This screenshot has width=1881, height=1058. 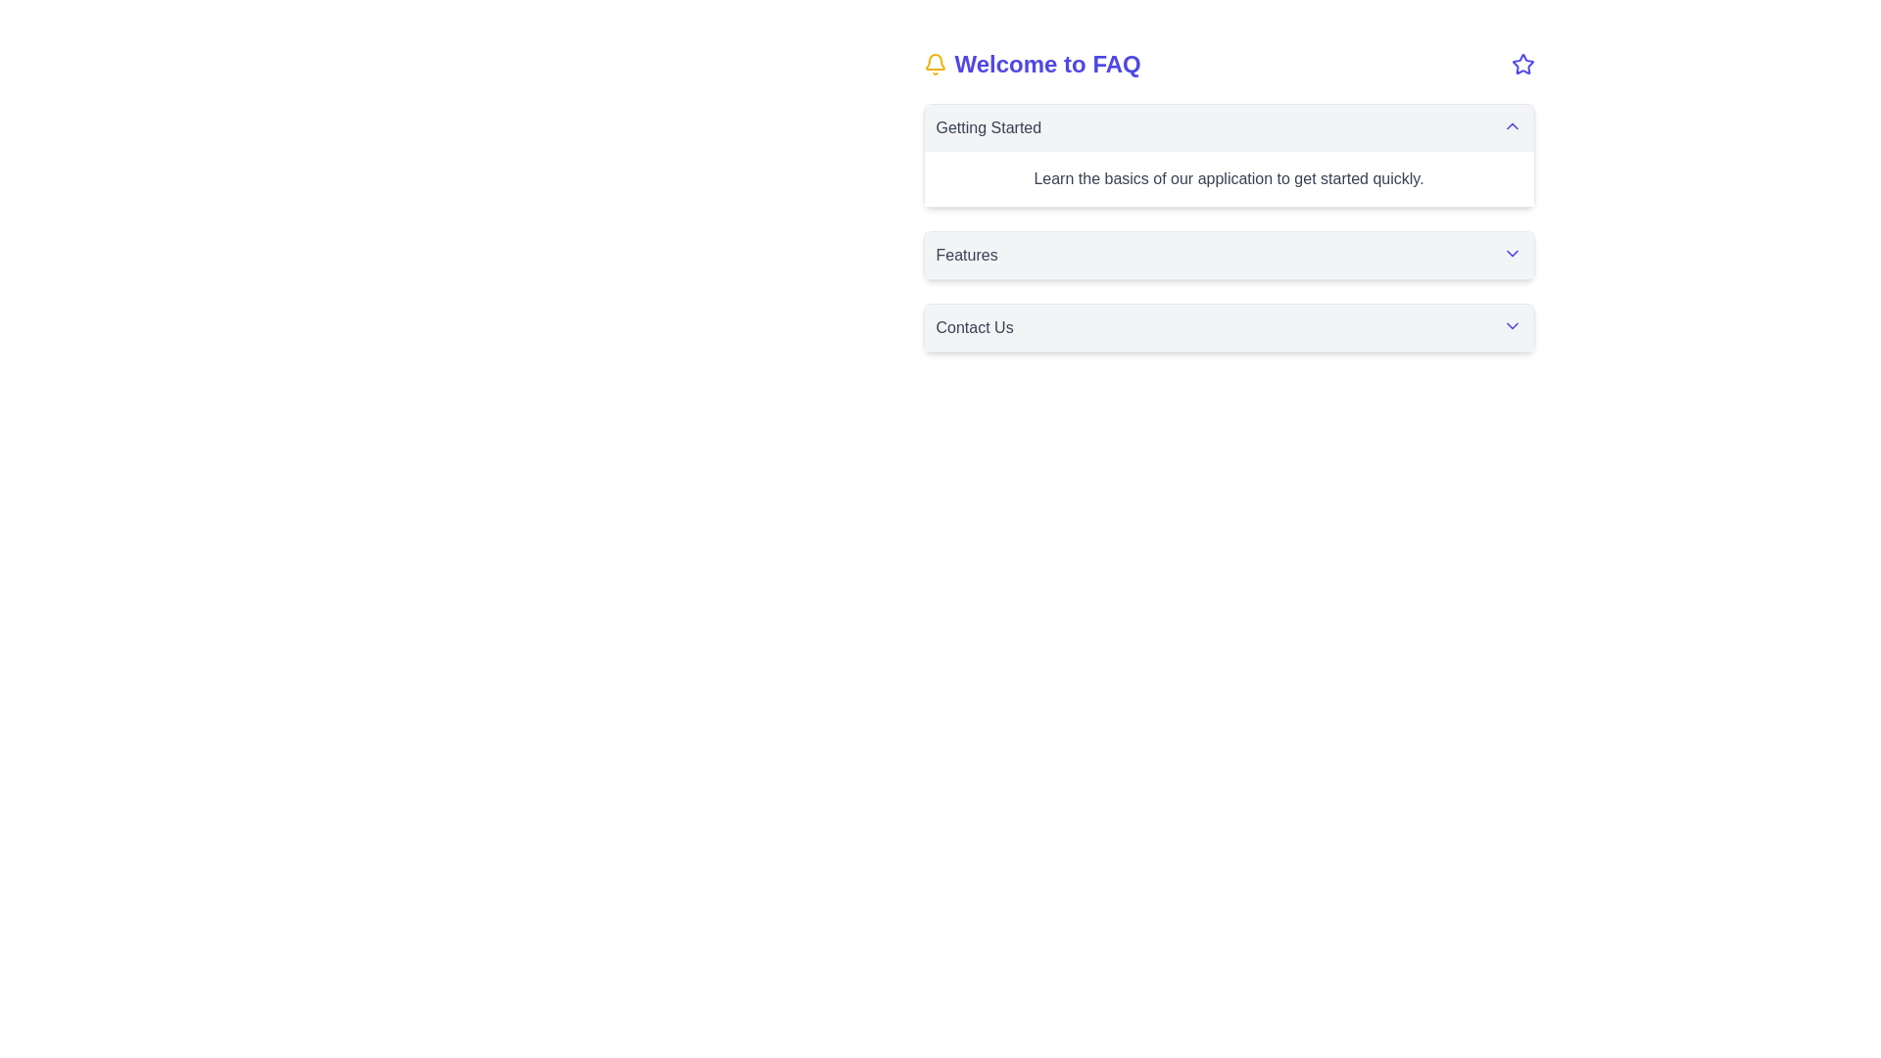 I want to click on the chevron icon, so click(x=1511, y=125).